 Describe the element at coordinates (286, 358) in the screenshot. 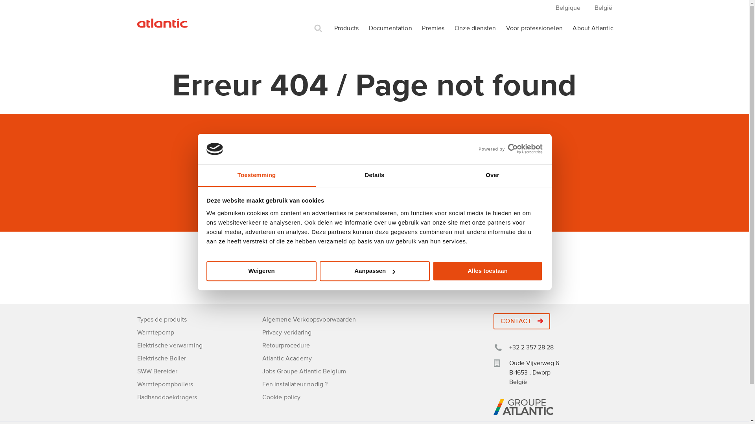

I see `'Atlantic Academy'` at that location.